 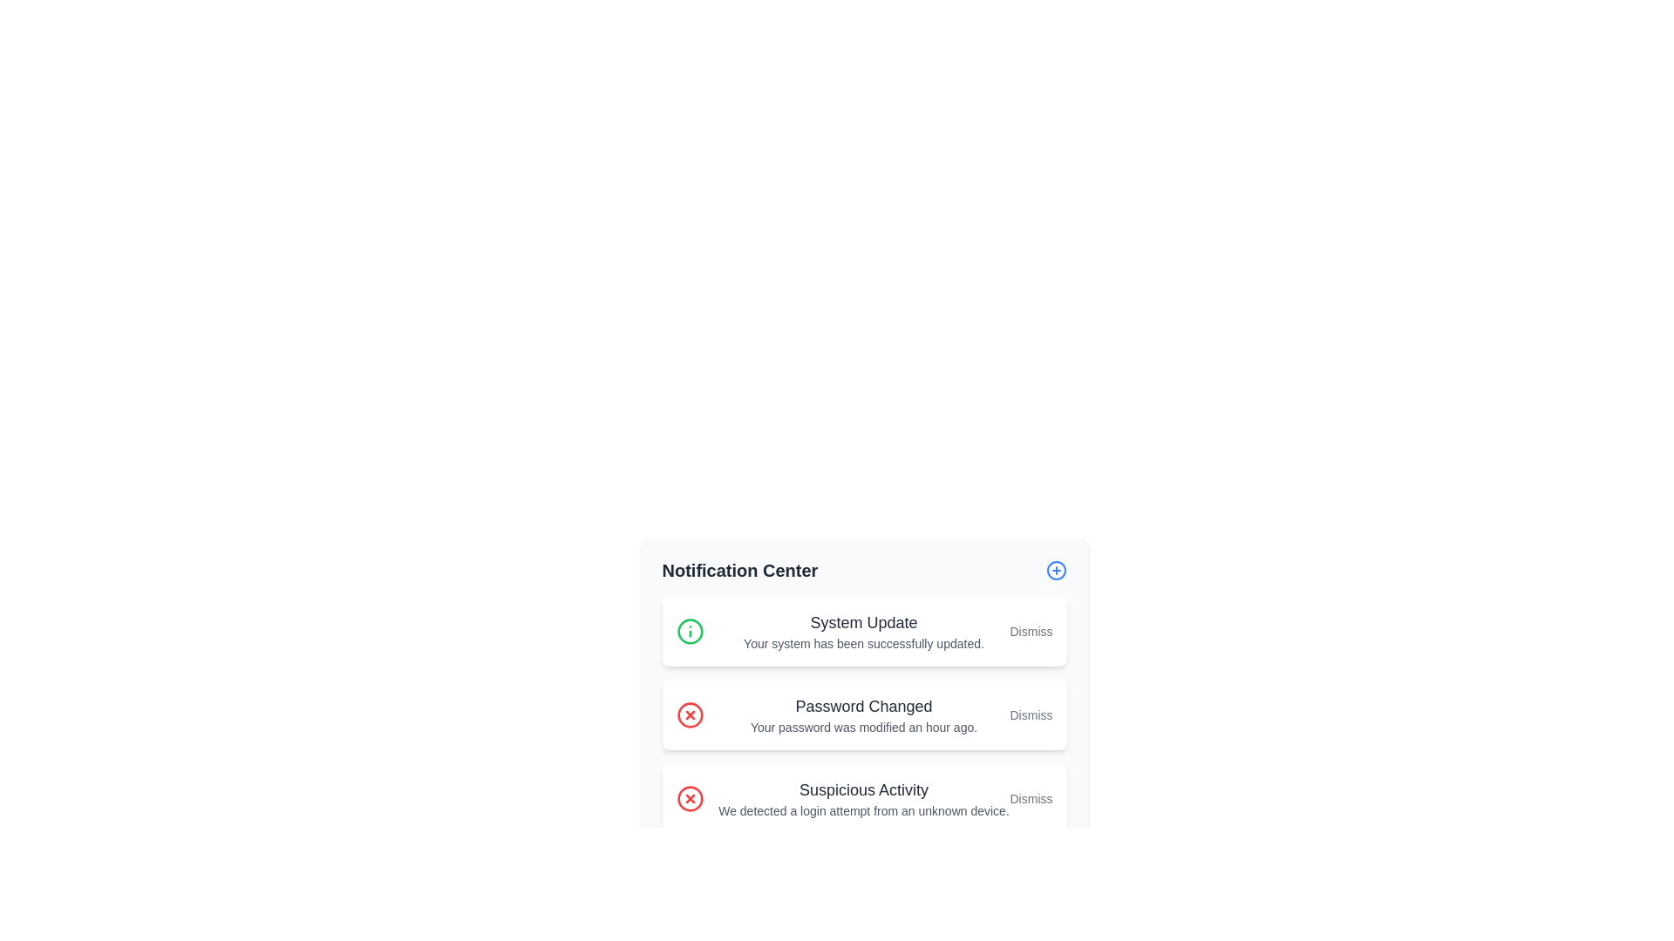 What do you see at coordinates (689, 632) in the screenshot?
I see `the 'System Update' icon located in the top-left corner of the first notification card row to acknowledge the notification's status` at bounding box center [689, 632].